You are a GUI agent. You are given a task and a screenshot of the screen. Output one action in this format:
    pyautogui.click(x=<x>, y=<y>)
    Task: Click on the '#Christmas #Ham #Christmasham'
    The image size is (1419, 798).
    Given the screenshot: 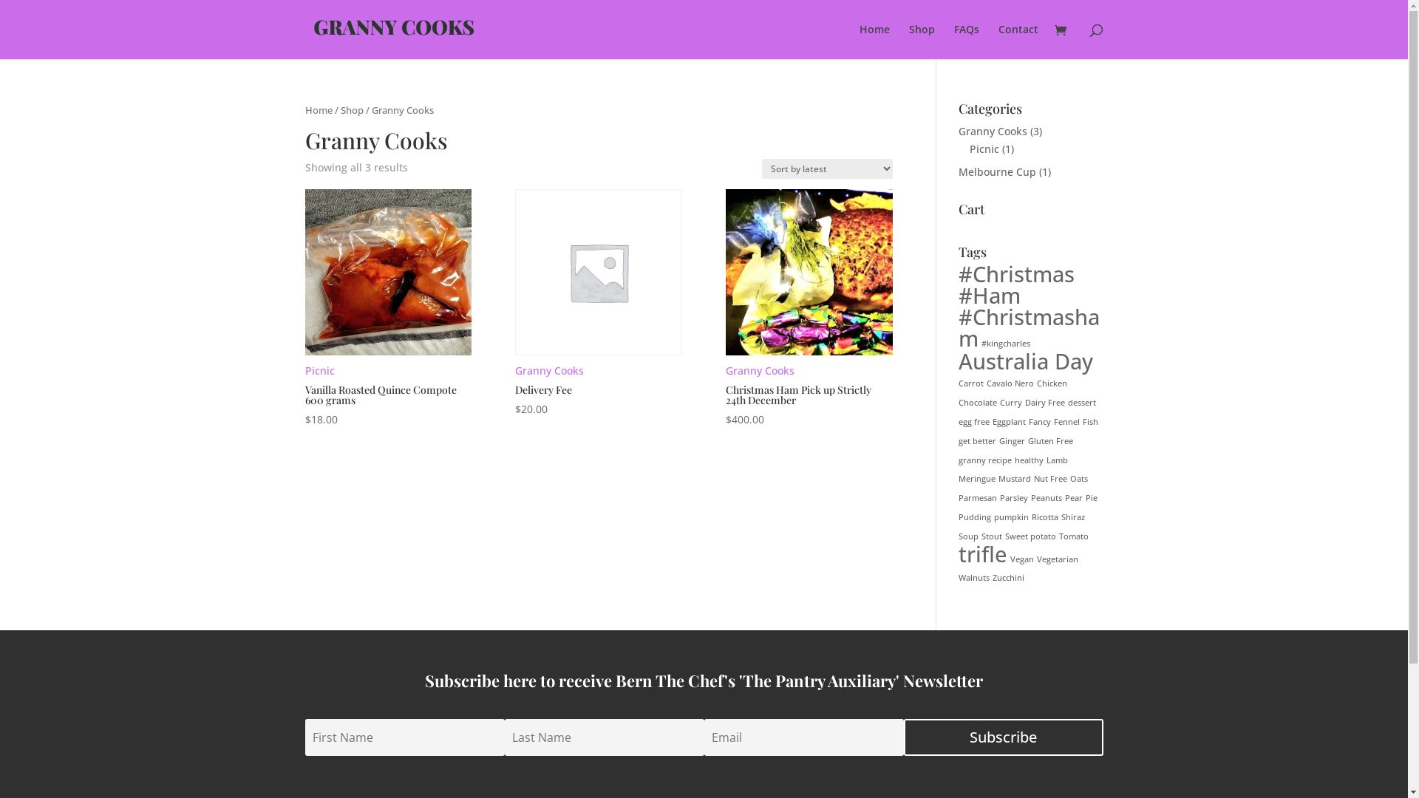 What is the action you would take?
    pyautogui.click(x=1028, y=304)
    